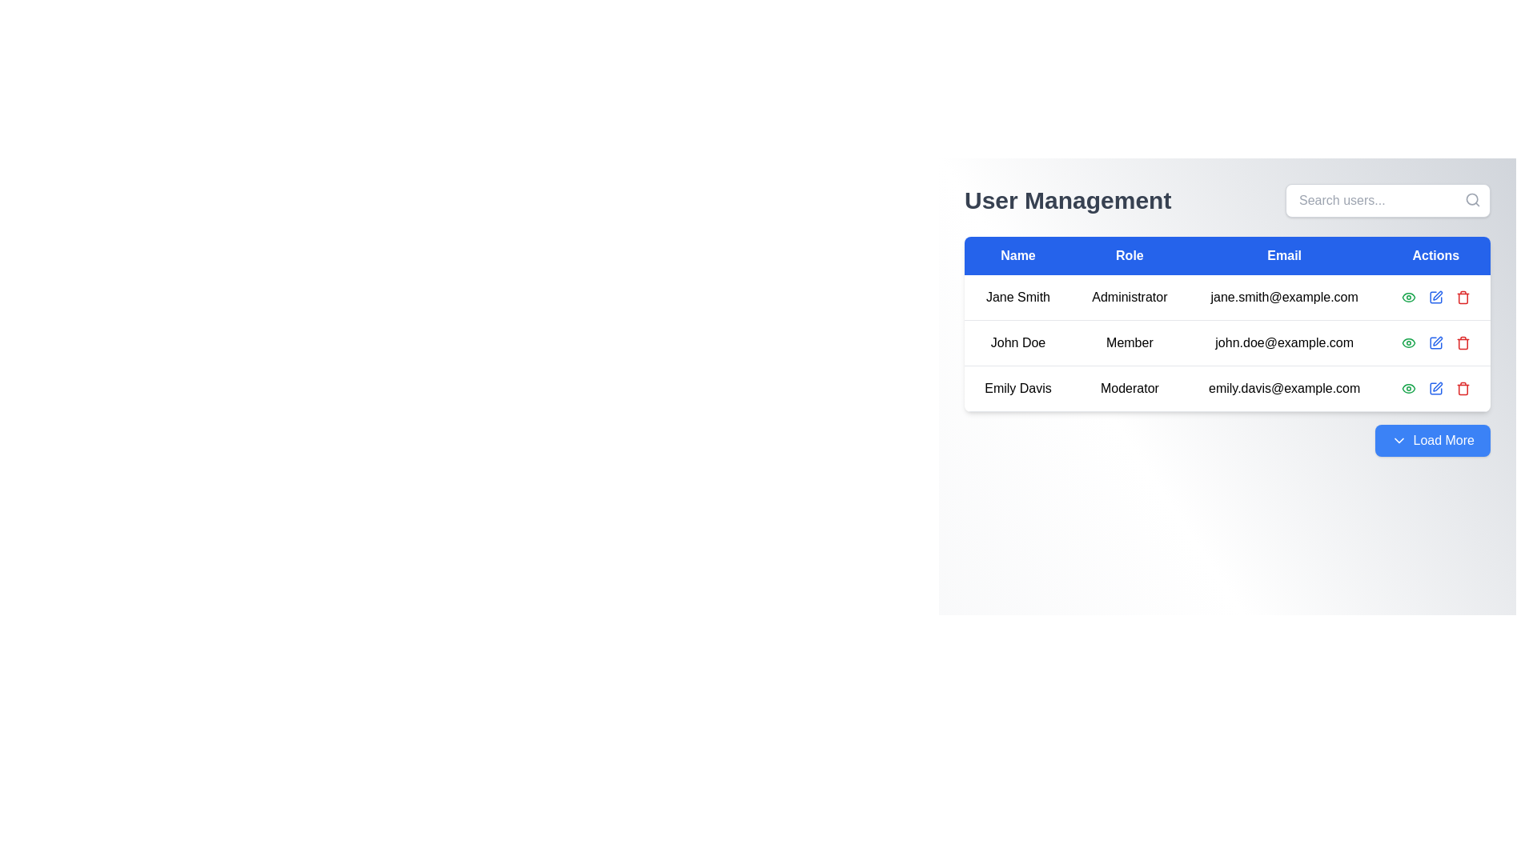 The image size is (1537, 864). What do you see at coordinates (1407, 297) in the screenshot?
I see `the green eye-shaped icon with a circular enclosure and green border located in the 'Actions' column of the first row in the 'User Management' table` at bounding box center [1407, 297].